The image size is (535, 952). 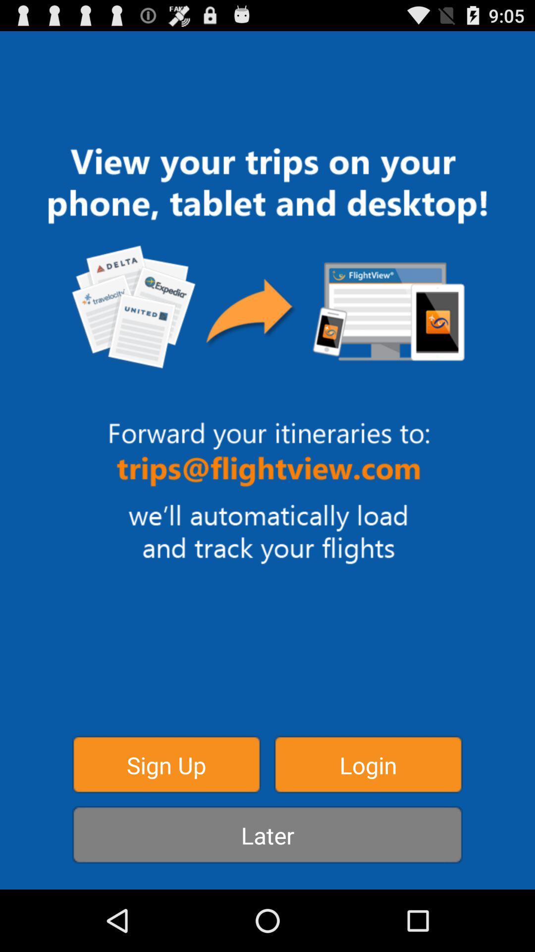 What do you see at coordinates (166, 764) in the screenshot?
I see `button to the left of login item` at bounding box center [166, 764].